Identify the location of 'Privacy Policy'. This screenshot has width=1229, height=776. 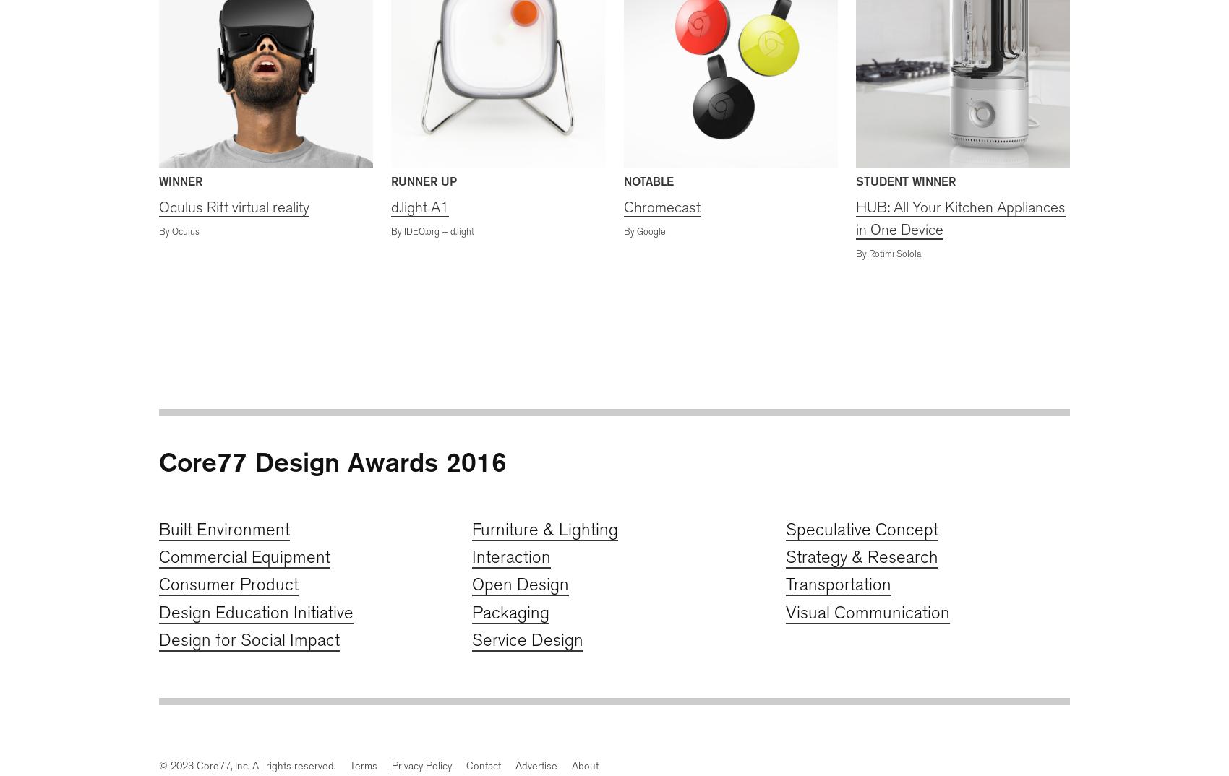
(421, 765).